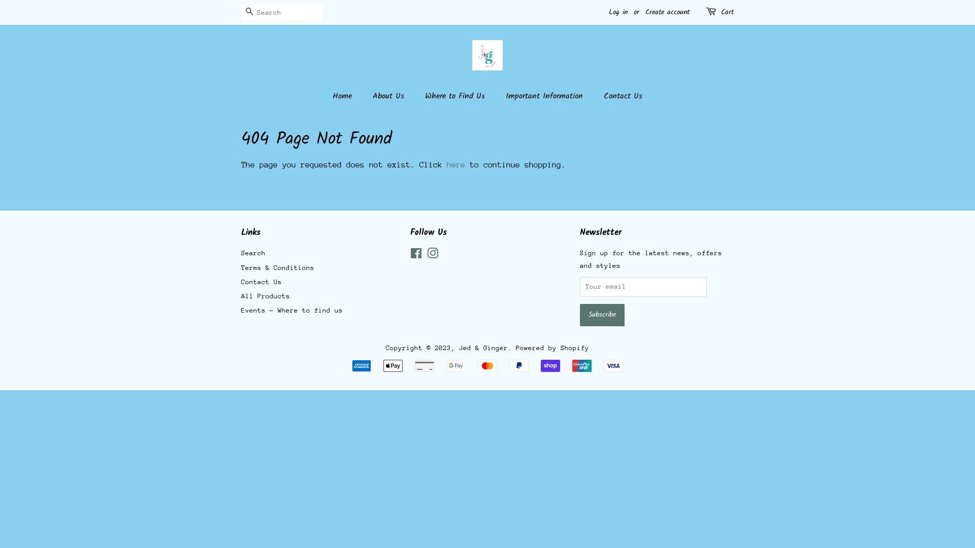 The height and width of the screenshot is (548, 975). I want to click on 'Events - Where to find us', so click(291, 310).